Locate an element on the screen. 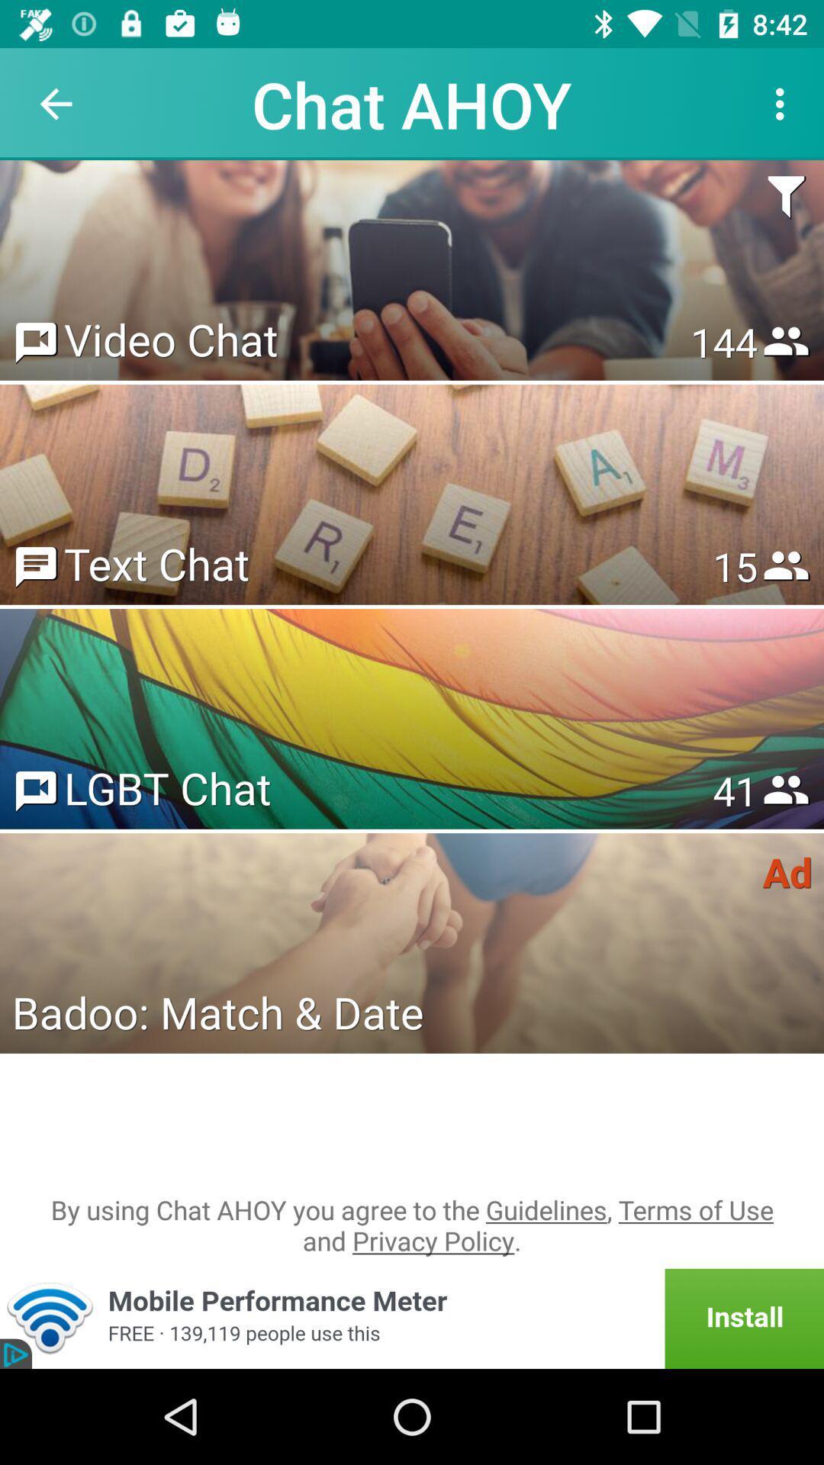  icon next to the 15 item is located at coordinates (156, 562).